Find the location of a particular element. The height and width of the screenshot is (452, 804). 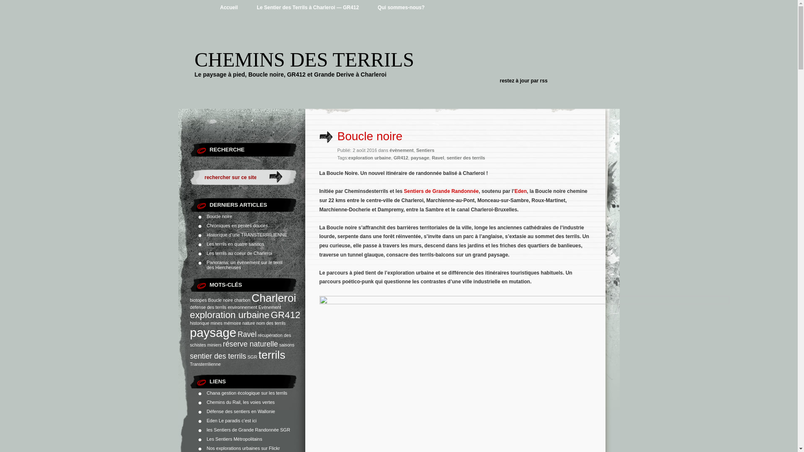

'Qui sommes-nous?' is located at coordinates (401, 8).